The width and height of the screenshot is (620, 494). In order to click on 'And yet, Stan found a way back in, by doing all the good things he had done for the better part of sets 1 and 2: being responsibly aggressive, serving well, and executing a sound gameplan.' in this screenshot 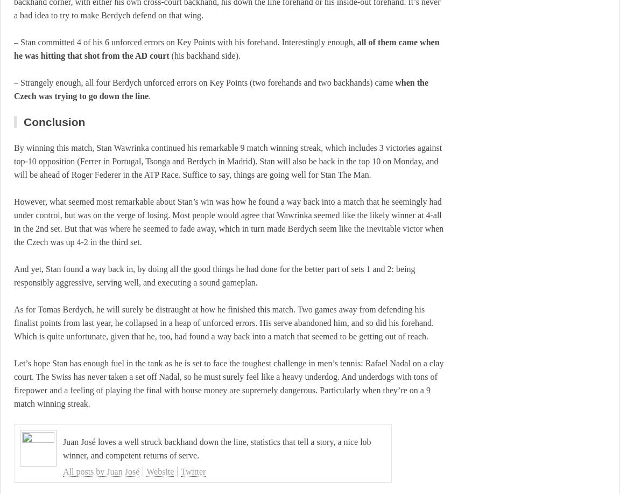, I will do `click(13, 275)`.